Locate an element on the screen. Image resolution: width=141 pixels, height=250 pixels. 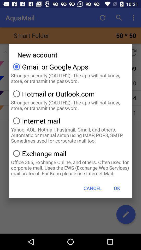
icon to the right of cancel icon is located at coordinates (117, 188).